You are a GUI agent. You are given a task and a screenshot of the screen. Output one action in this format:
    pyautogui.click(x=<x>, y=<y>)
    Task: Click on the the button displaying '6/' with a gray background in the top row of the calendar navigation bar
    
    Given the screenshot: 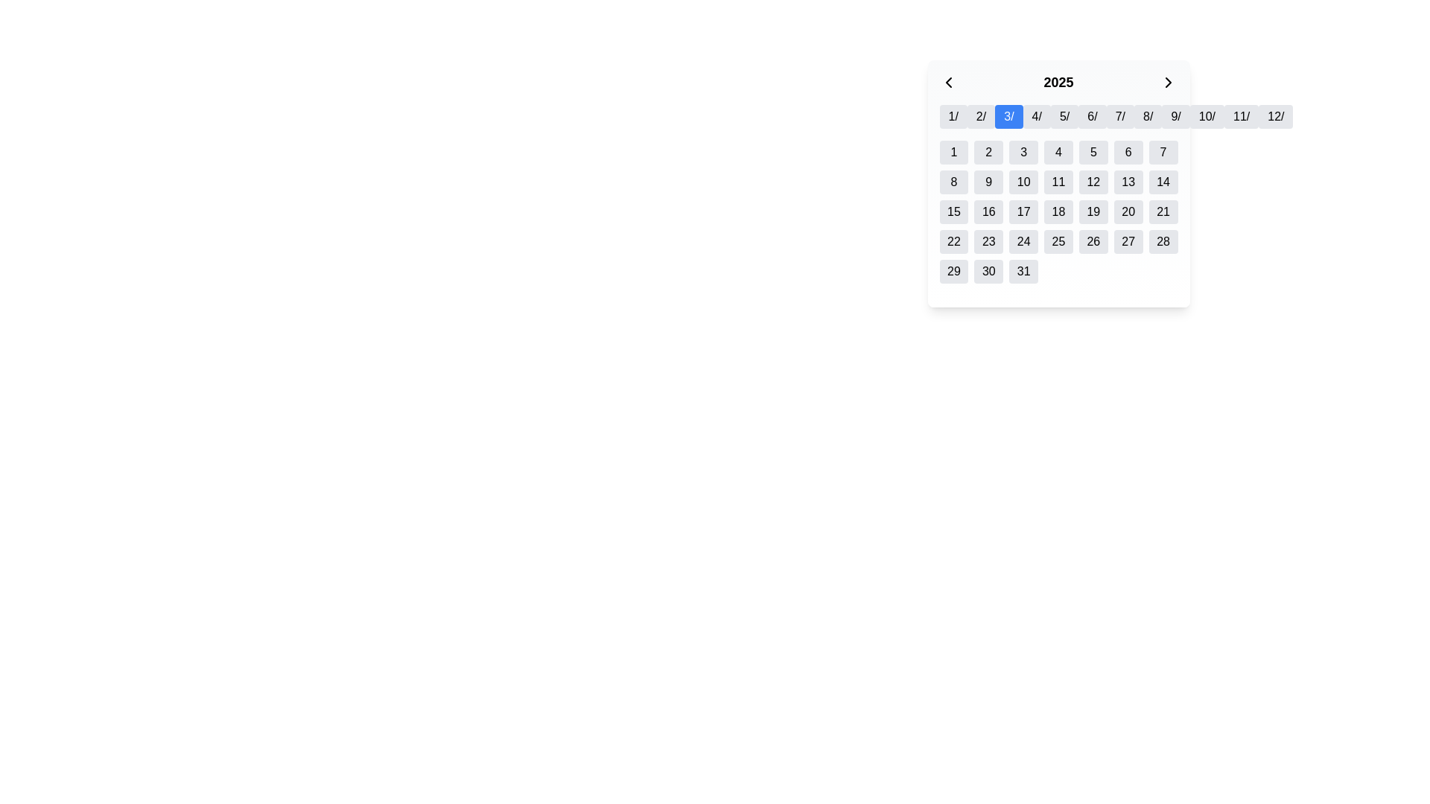 What is the action you would take?
    pyautogui.click(x=1091, y=116)
    